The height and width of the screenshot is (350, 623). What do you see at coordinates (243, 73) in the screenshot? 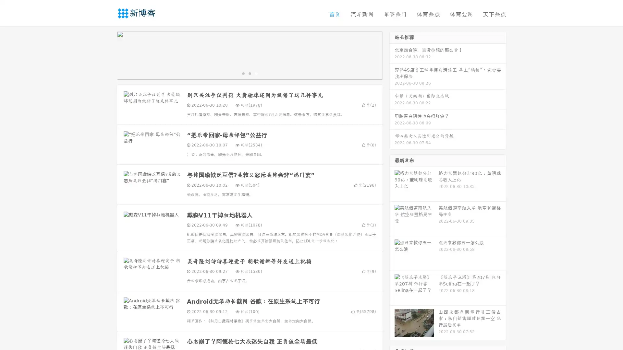
I see `Go to slide 1` at bounding box center [243, 73].